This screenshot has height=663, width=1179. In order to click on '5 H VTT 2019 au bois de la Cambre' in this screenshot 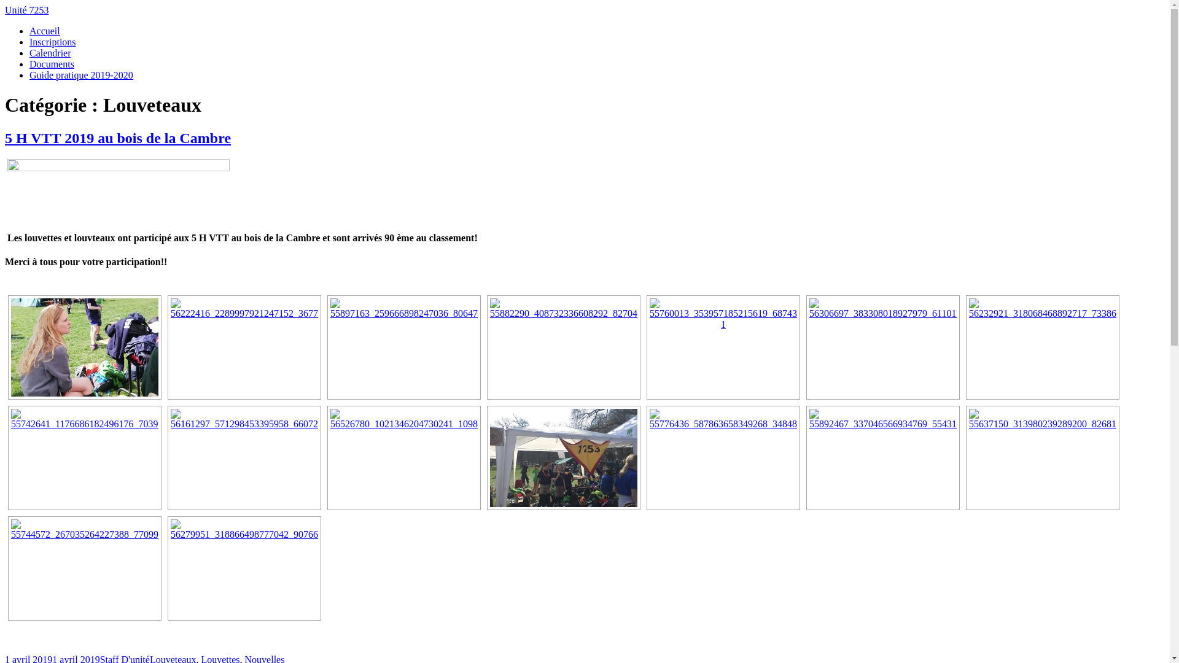, I will do `click(118, 138)`.